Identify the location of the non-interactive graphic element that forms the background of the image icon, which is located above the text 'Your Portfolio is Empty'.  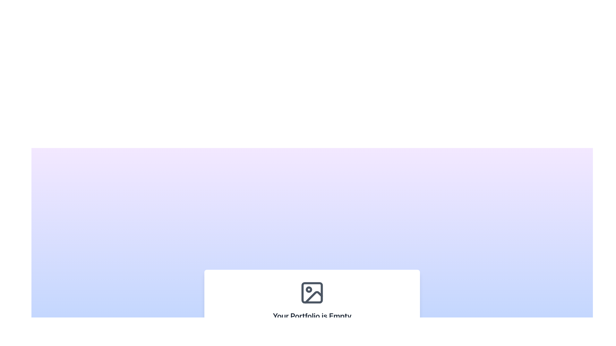
(312, 293).